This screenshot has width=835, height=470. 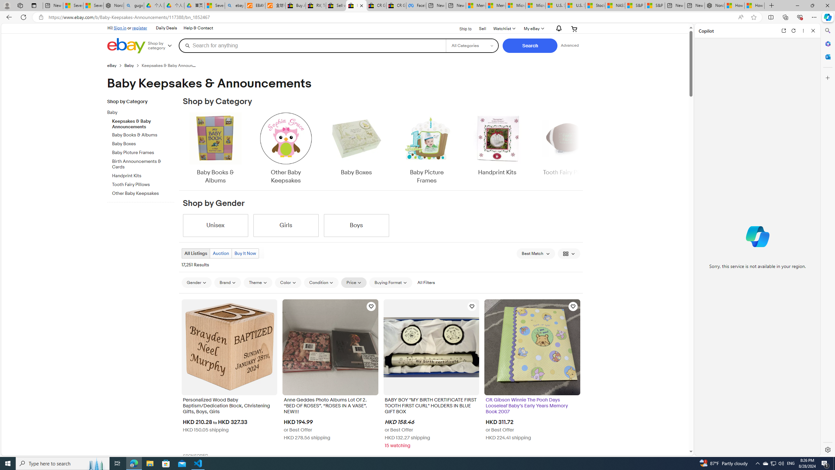 What do you see at coordinates (655, 5) in the screenshot?
I see `'S&P 500, Nasdaq end lower, weighed by Nvidia dip | Watch'` at bounding box center [655, 5].